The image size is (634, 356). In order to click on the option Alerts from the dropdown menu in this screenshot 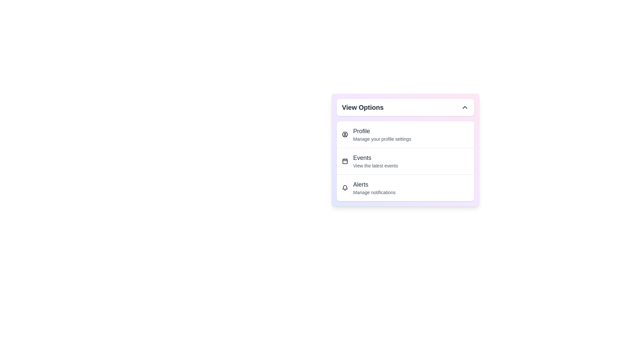, I will do `click(405, 188)`.